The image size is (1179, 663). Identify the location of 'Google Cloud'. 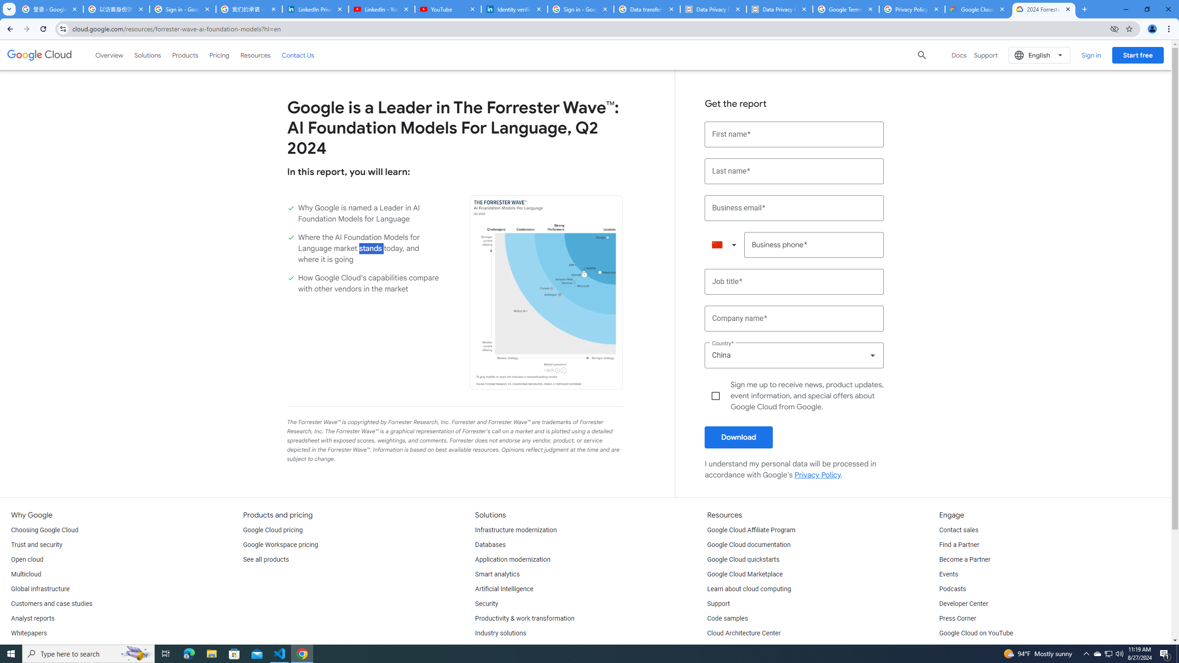
(39, 54).